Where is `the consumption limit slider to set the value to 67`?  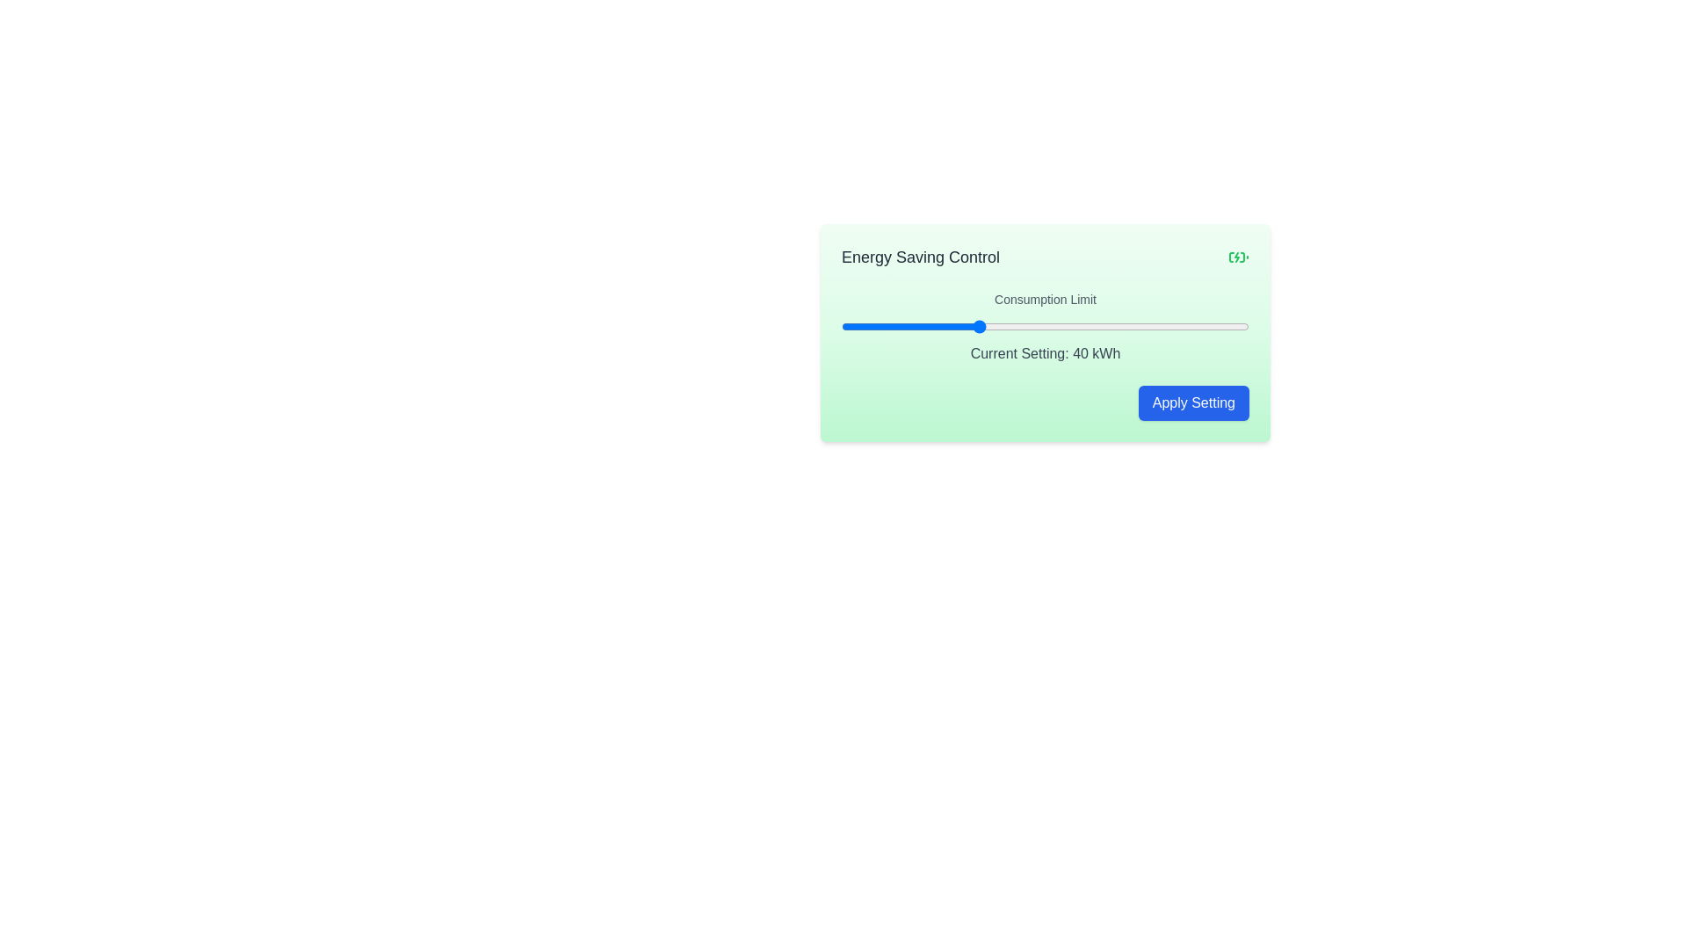 the consumption limit slider to set the value to 67 is located at coordinates (1161, 326).